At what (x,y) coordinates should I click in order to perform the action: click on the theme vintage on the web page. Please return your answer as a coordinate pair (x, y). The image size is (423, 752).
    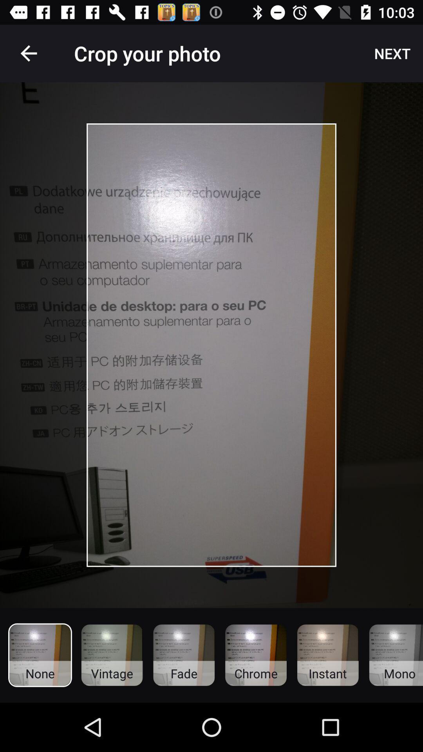
    Looking at the image, I should click on (112, 655).